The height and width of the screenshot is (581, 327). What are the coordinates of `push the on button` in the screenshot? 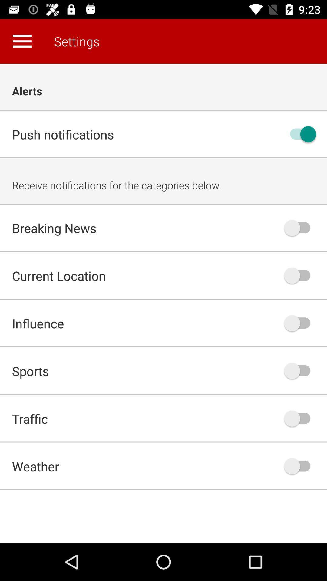 It's located at (300, 275).